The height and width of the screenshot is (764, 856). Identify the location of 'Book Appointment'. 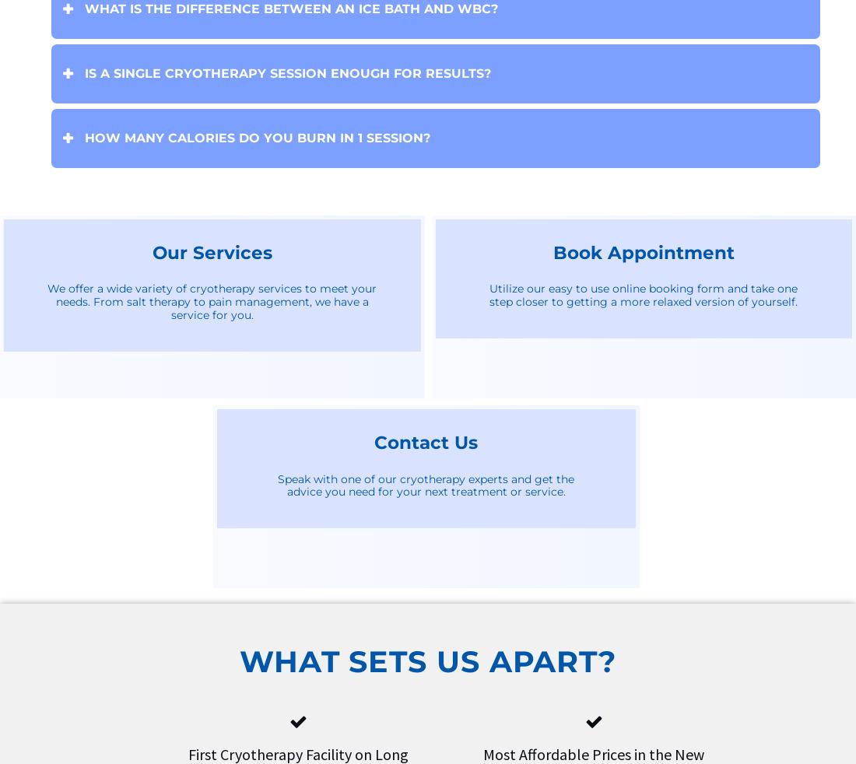
(642, 251).